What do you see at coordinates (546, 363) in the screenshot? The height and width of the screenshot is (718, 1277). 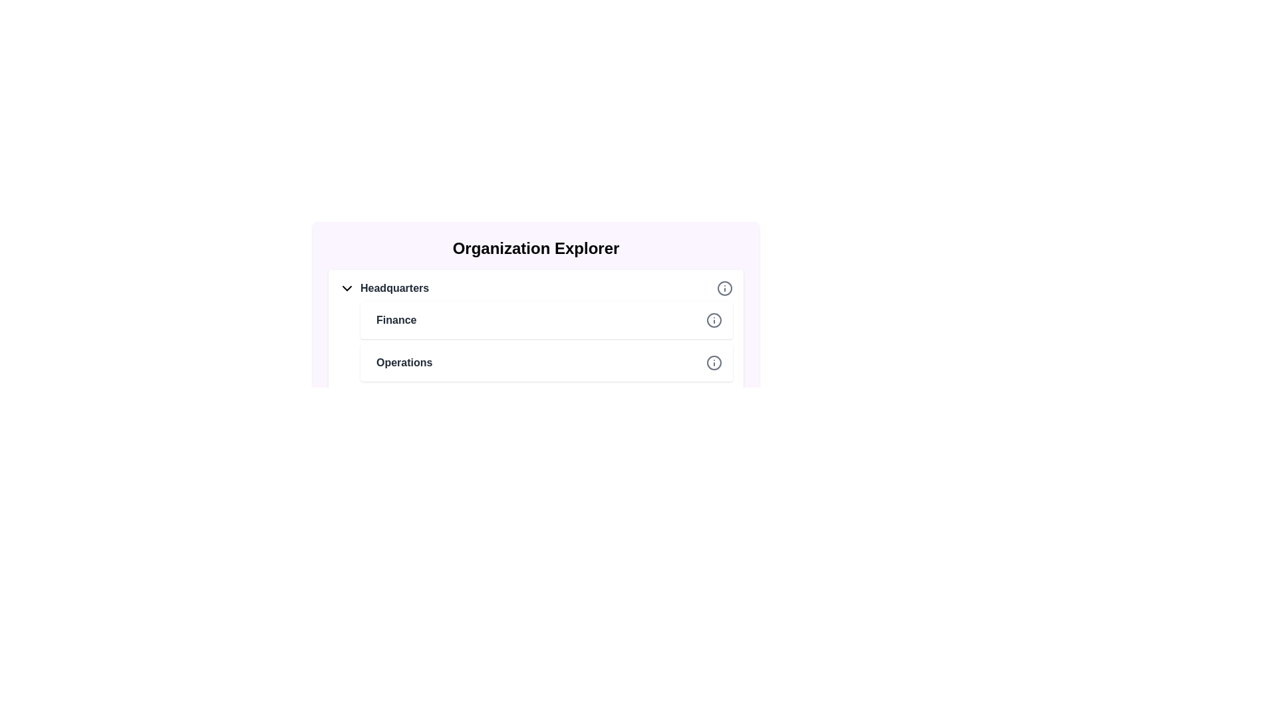 I see `the list item labeled 'Operations' which is located in the second row of the collapsible section titled 'Headquarters'` at bounding box center [546, 363].